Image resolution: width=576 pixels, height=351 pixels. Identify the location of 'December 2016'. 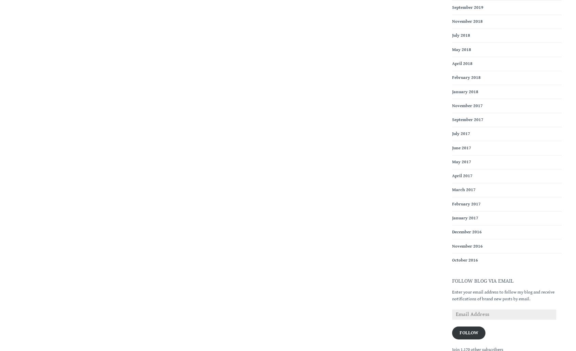
(467, 232).